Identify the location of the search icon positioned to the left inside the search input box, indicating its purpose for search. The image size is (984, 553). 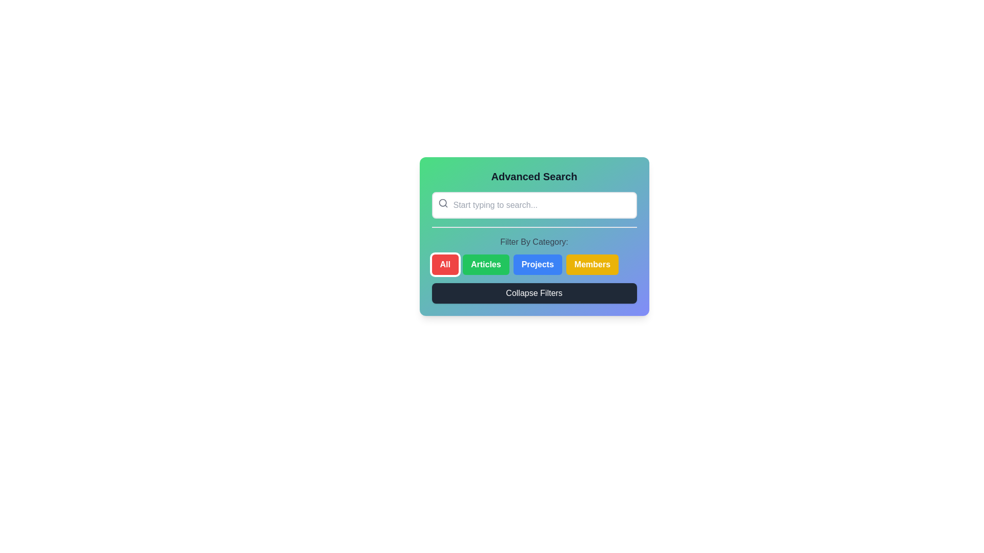
(443, 203).